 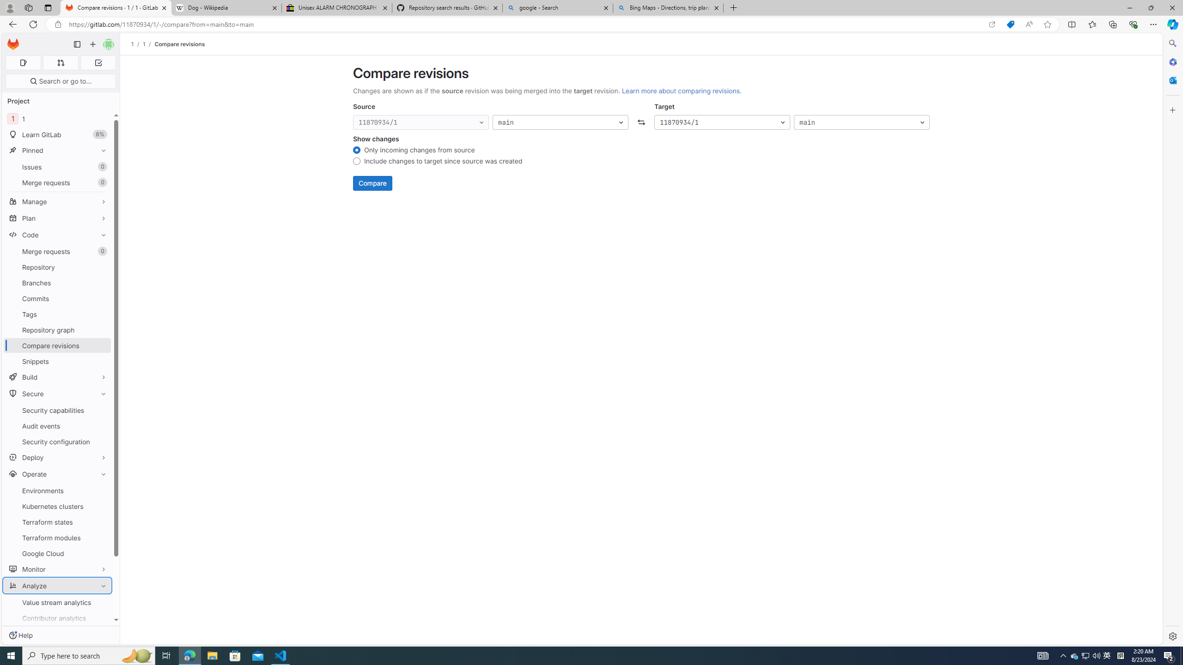 What do you see at coordinates (57, 568) in the screenshot?
I see `'Monitor'` at bounding box center [57, 568].